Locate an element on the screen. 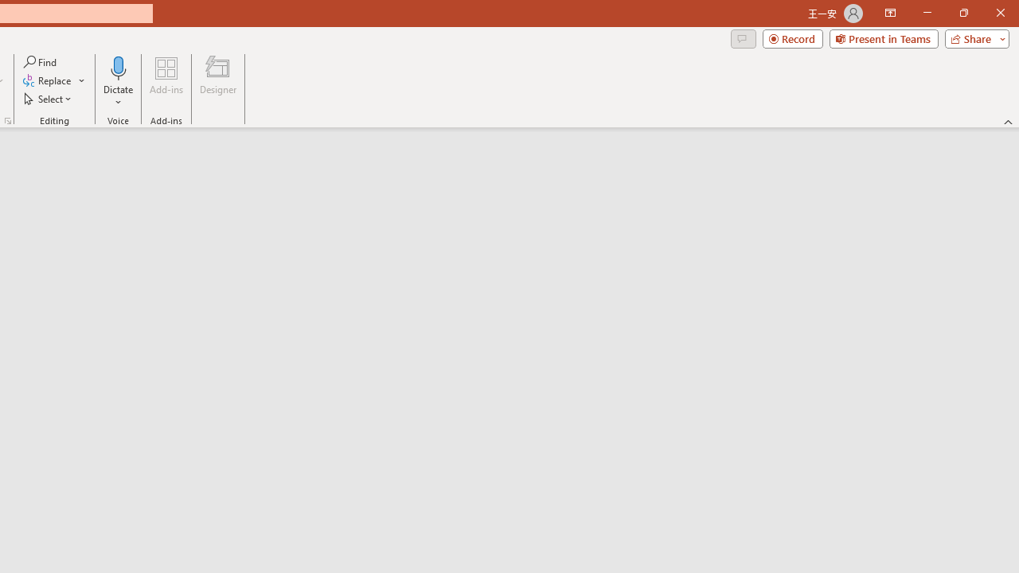  'Record' is located at coordinates (792, 37).